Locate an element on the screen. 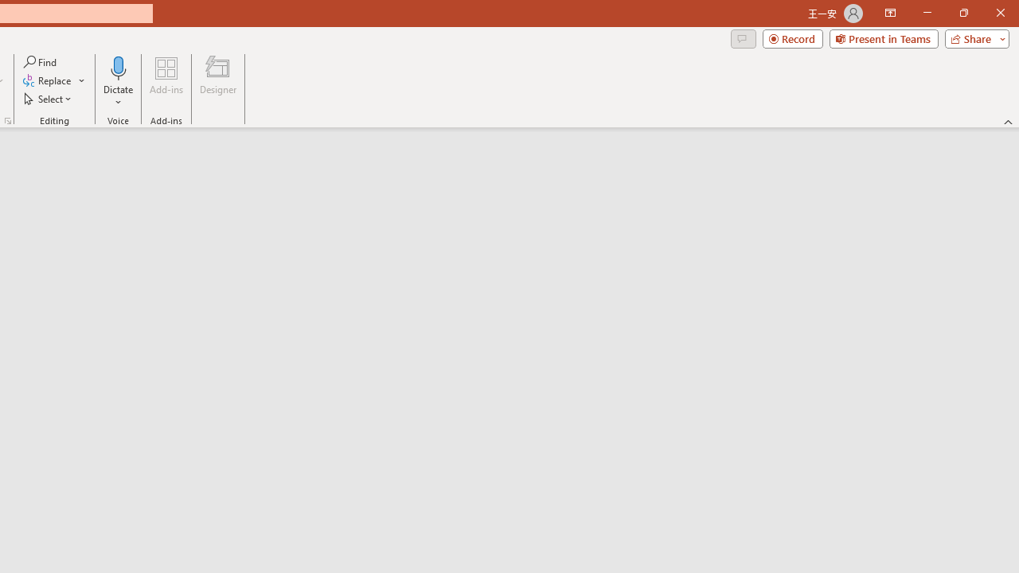  'Record' is located at coordinates (792, 37).